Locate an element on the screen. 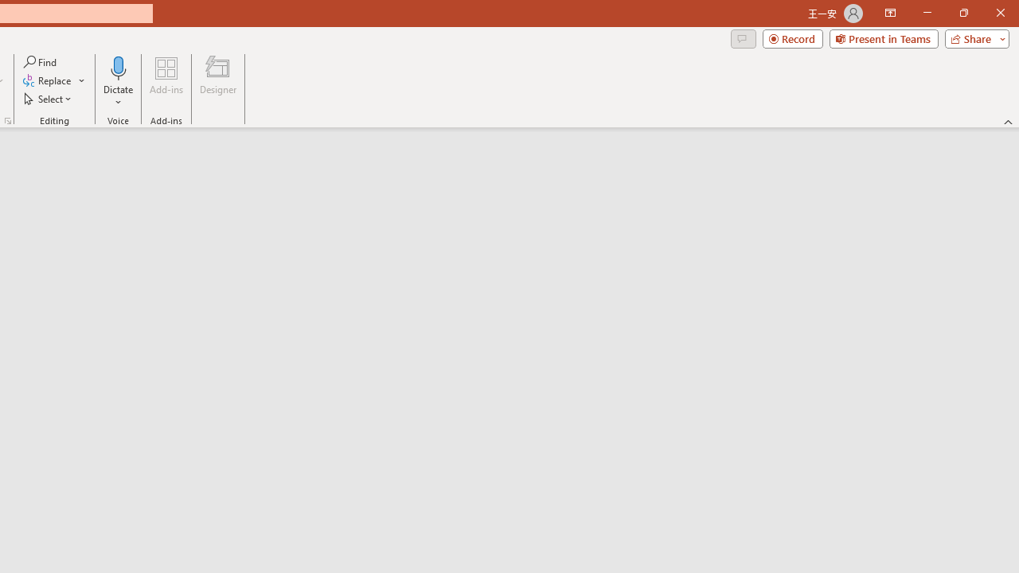  'Record' is located at coordinates (792, 37).